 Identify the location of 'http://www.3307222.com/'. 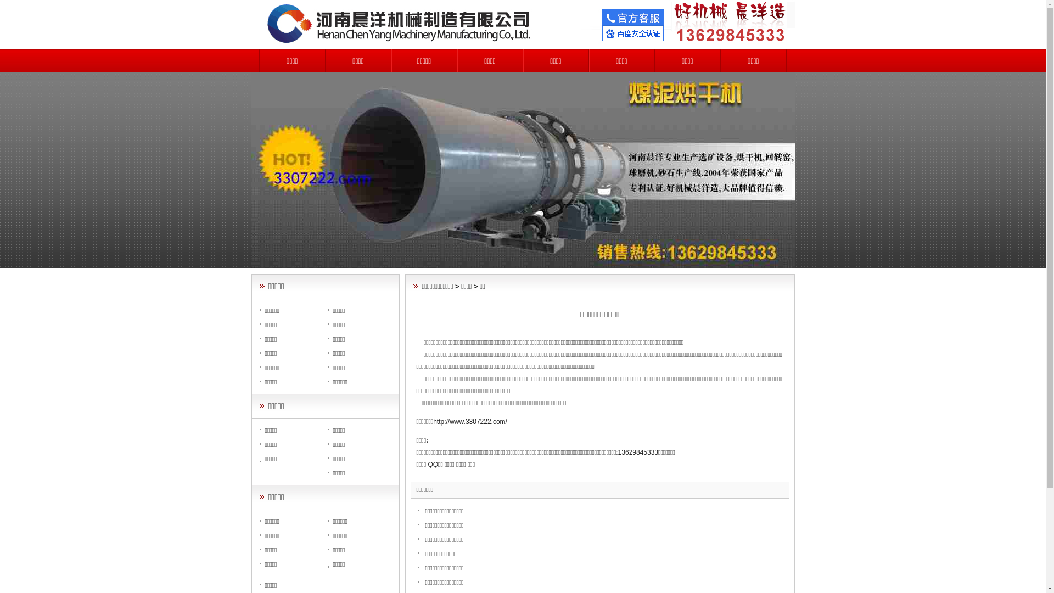
(470, 421).